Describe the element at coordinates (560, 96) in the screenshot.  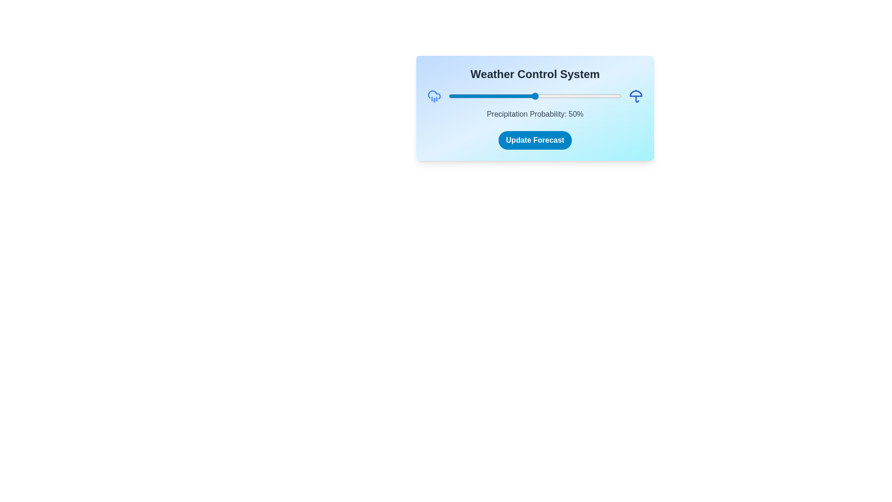
I see `the precipitation probability slider to 65%` at that location.